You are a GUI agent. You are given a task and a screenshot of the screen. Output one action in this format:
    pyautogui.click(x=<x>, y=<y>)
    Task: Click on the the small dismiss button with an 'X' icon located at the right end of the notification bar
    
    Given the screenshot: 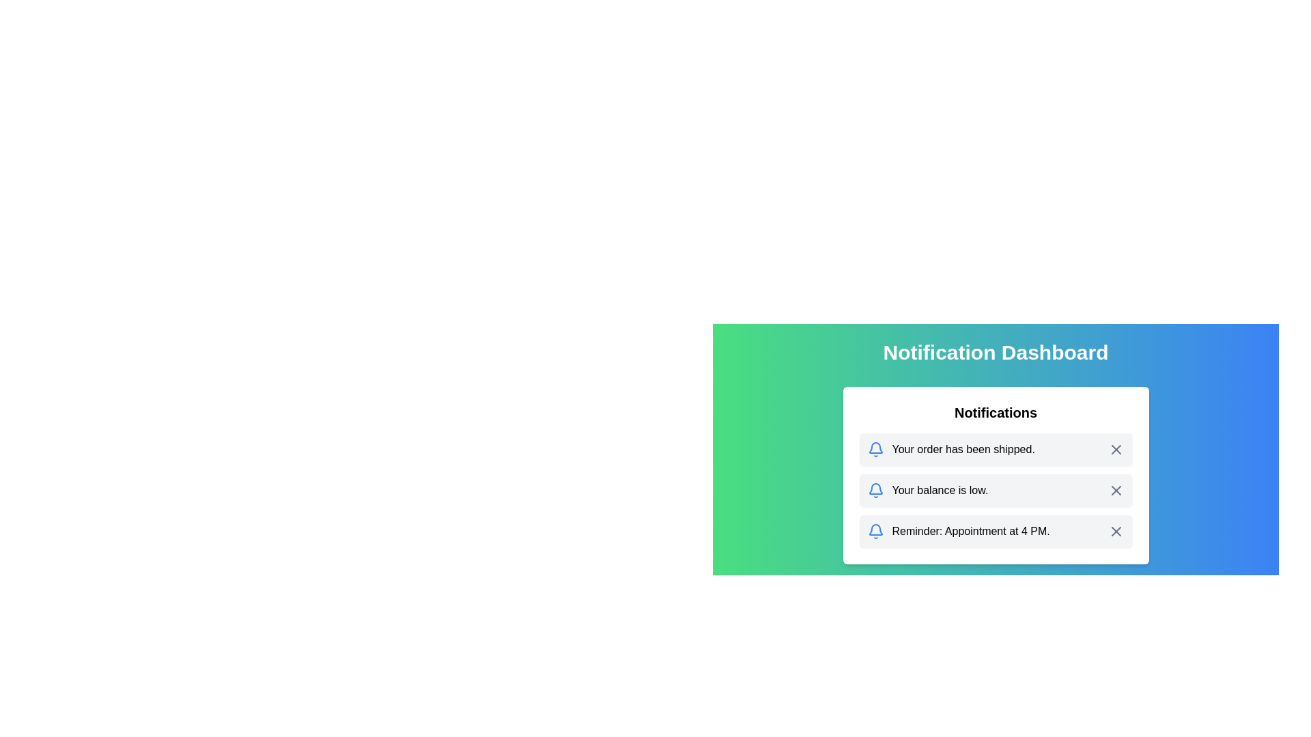 What is the action you would take?
    pyautogui.click(x=1116, y=450)
    